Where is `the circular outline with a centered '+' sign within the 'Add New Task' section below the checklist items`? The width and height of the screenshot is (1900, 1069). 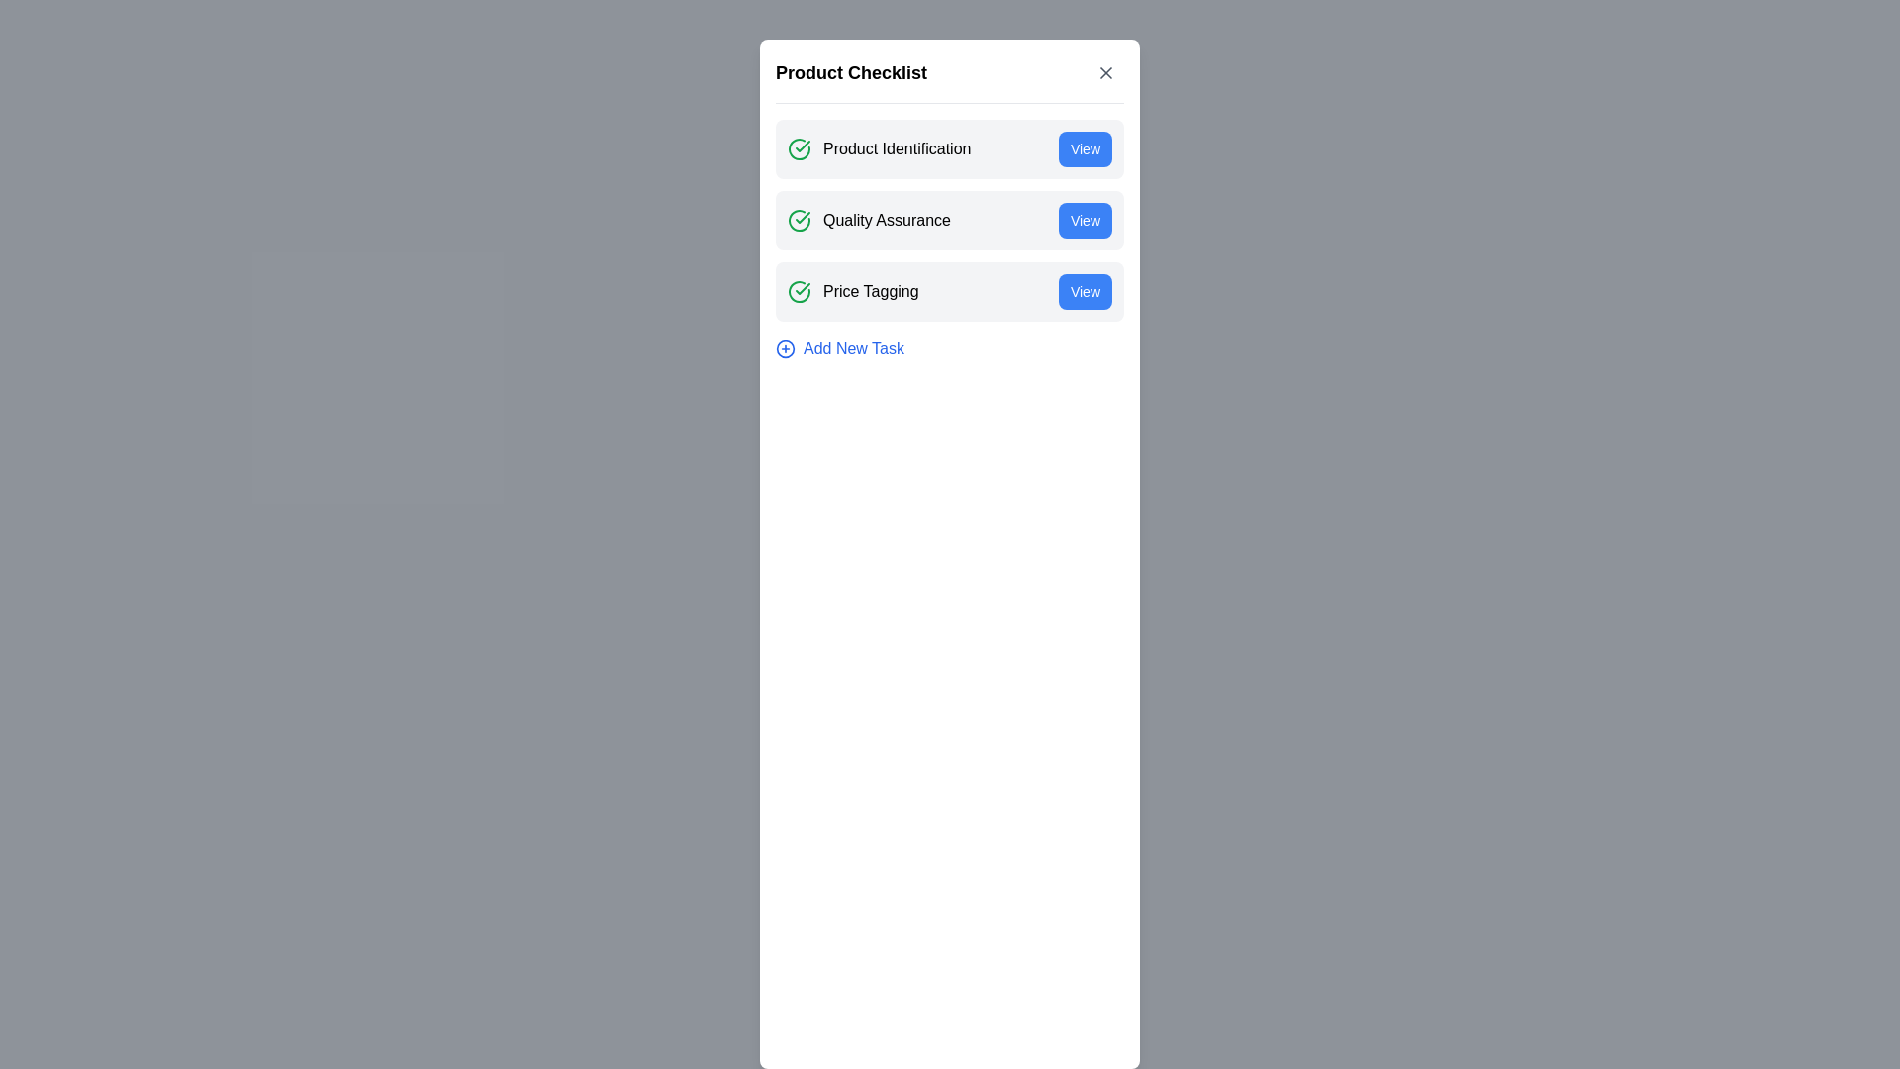
the circular outline with a centered '+' sign within the 'Add New Task' section below the checklist items is located at coordinates (784, 348).